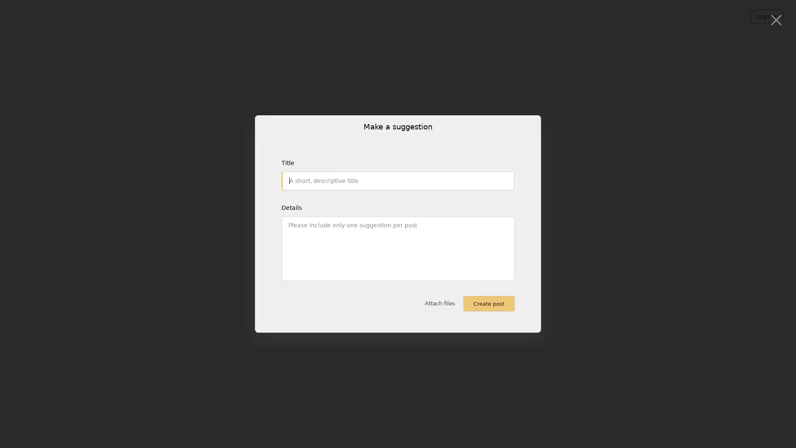 Image resolution: width=796 pixels, height=448 pixels. Describe the element at coordinates (766, 16) in the screenshot. I see `Sign in` at that location.